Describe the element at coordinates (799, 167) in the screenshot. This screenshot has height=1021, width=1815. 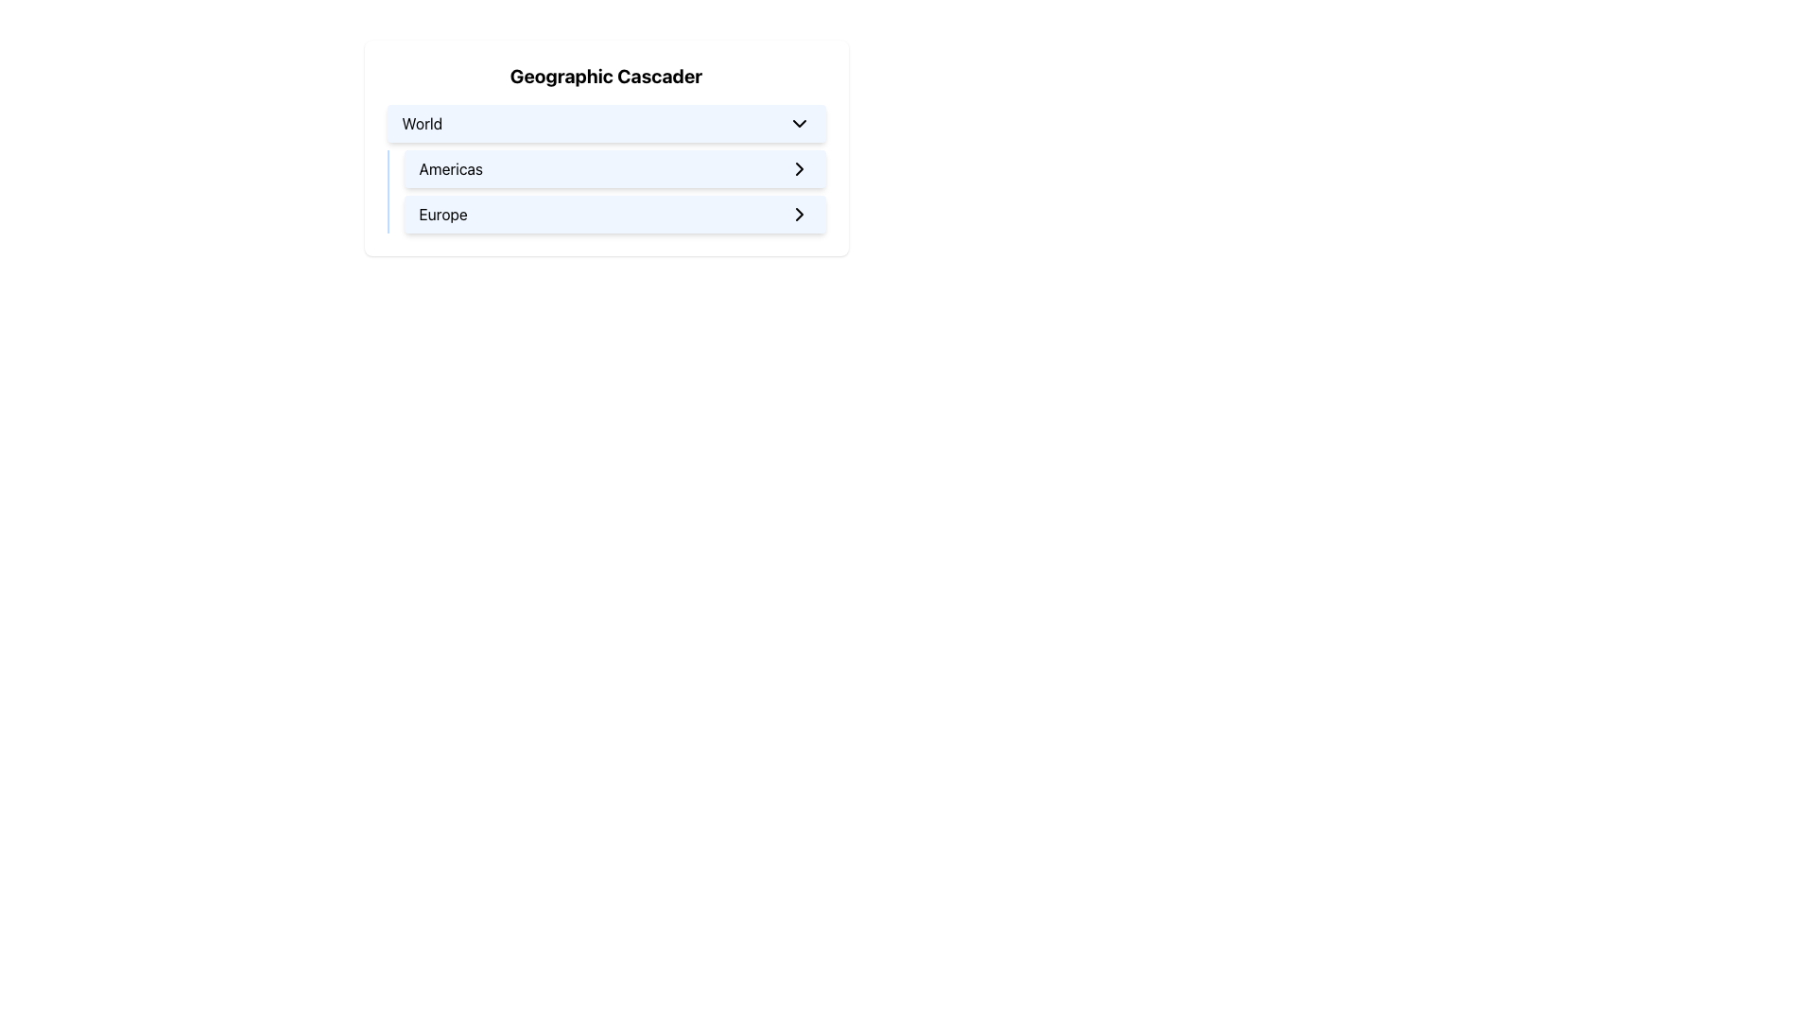
I see `the chevron-shaped right-pointing arrow SVG icon, which is part of the interactive list item labeled 'Americas'` at that location.